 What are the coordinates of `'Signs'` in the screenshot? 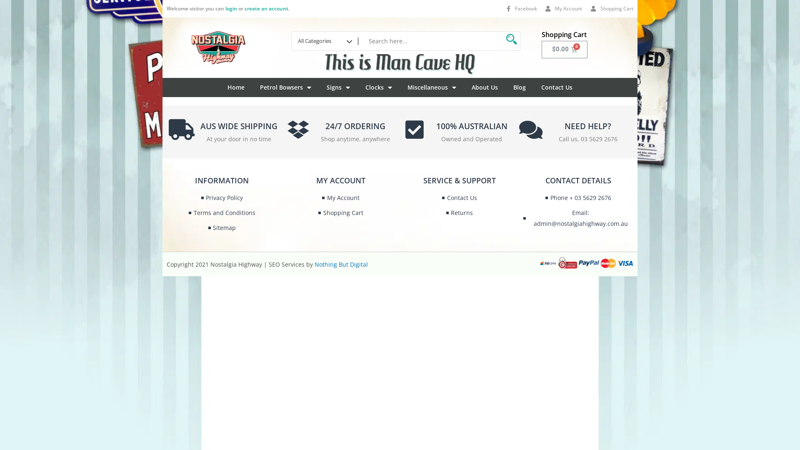 It's located at (338, 87).